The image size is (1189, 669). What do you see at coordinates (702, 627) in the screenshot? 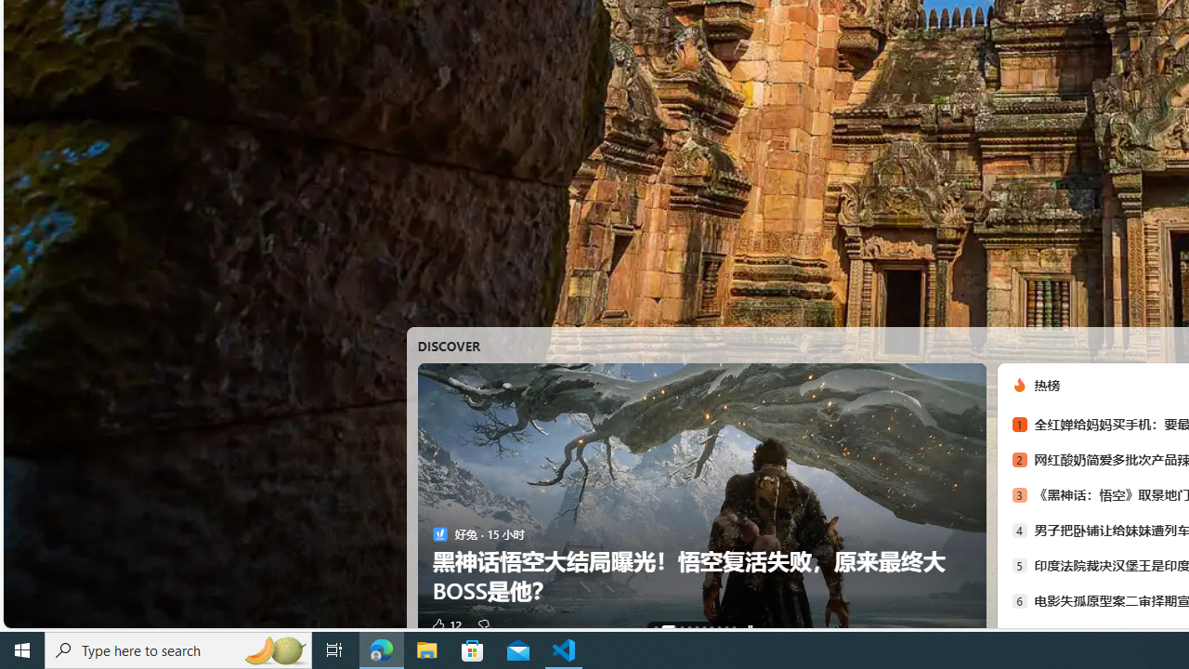
I see `'AutomationID: tab-5'` at bounding box center [702, 627].